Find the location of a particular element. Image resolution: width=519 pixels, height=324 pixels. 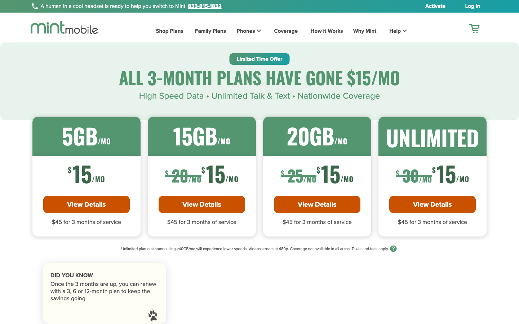

View Login Page is located at coordinates (468, 6).